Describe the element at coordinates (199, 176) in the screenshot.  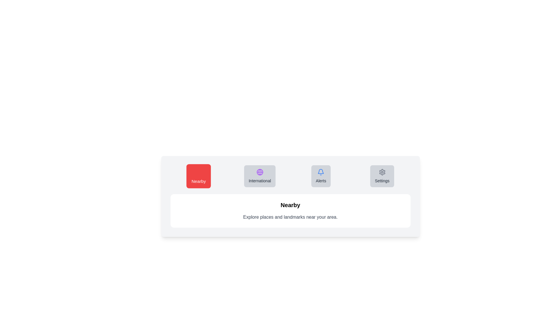
I see `the tab labeled Nearby to observe its hover effect` at that location.